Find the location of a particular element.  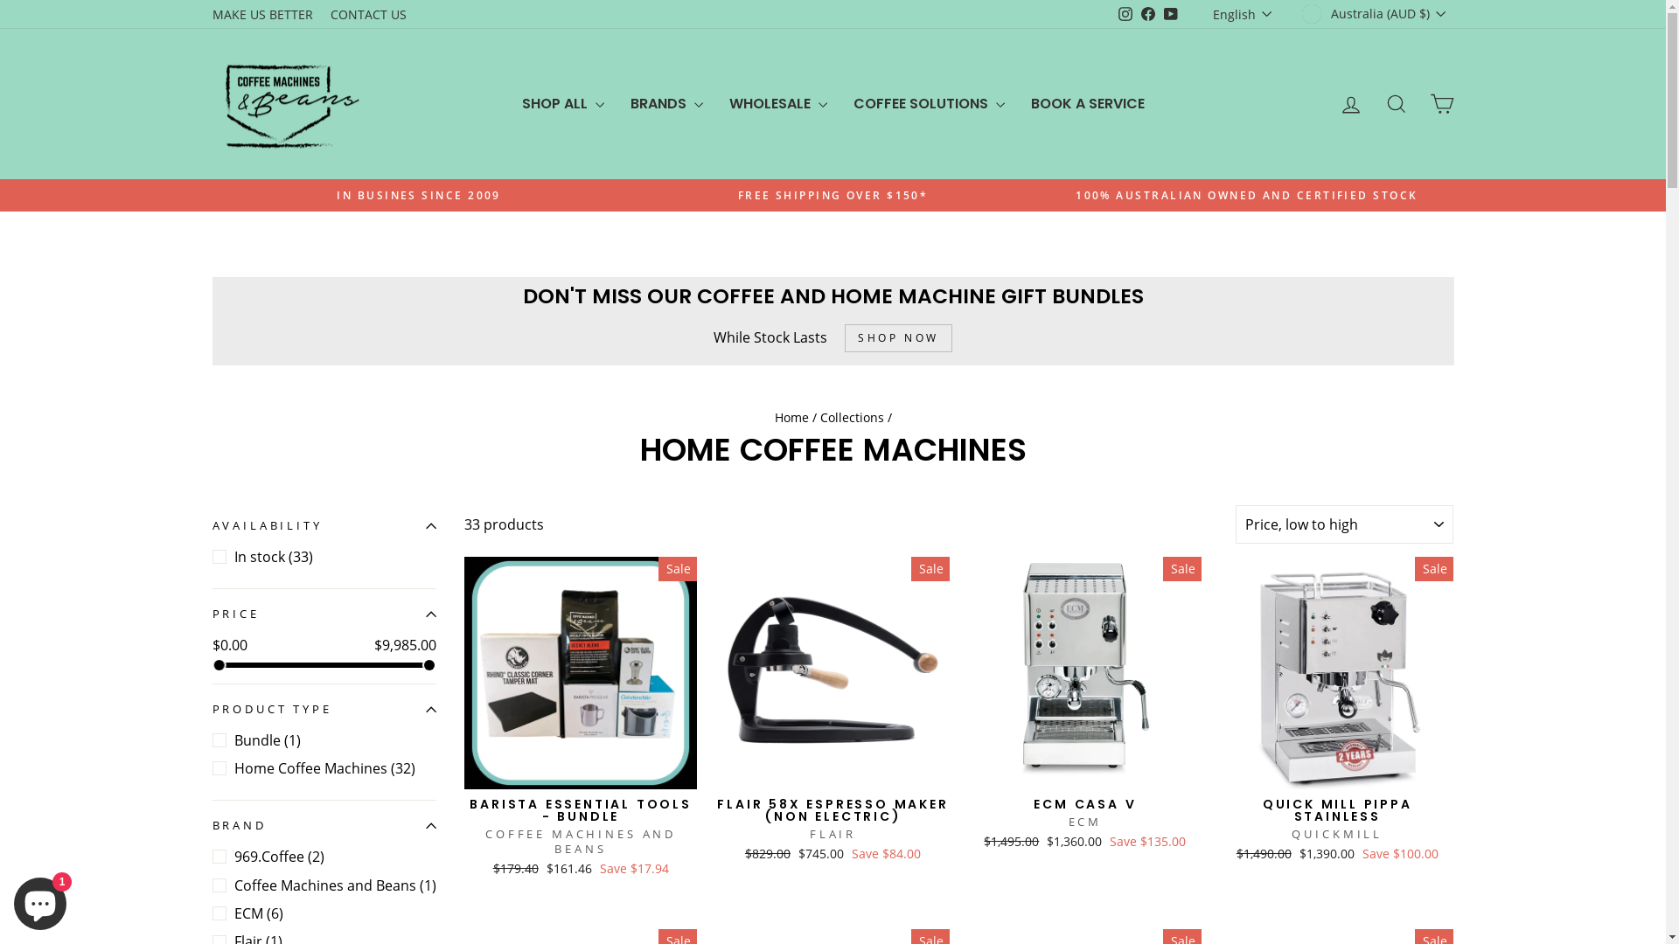

'Instagram' is located at coordinates (1125, 14).